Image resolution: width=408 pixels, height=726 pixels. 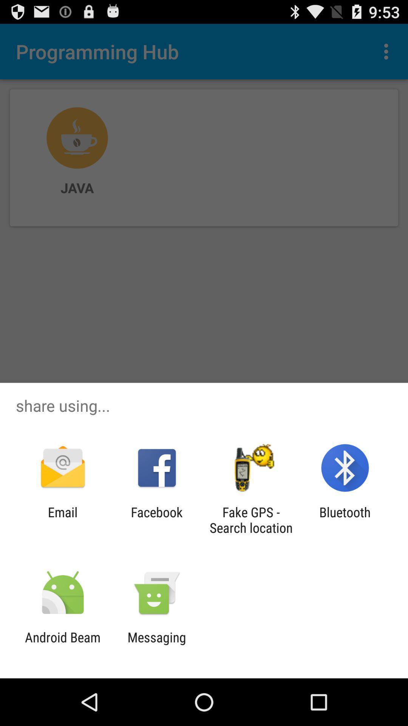 What do you see at coordinates (156, 520) in the screenshot?
I see `item next to the fake gps search app` at bounding box center [156, 520].